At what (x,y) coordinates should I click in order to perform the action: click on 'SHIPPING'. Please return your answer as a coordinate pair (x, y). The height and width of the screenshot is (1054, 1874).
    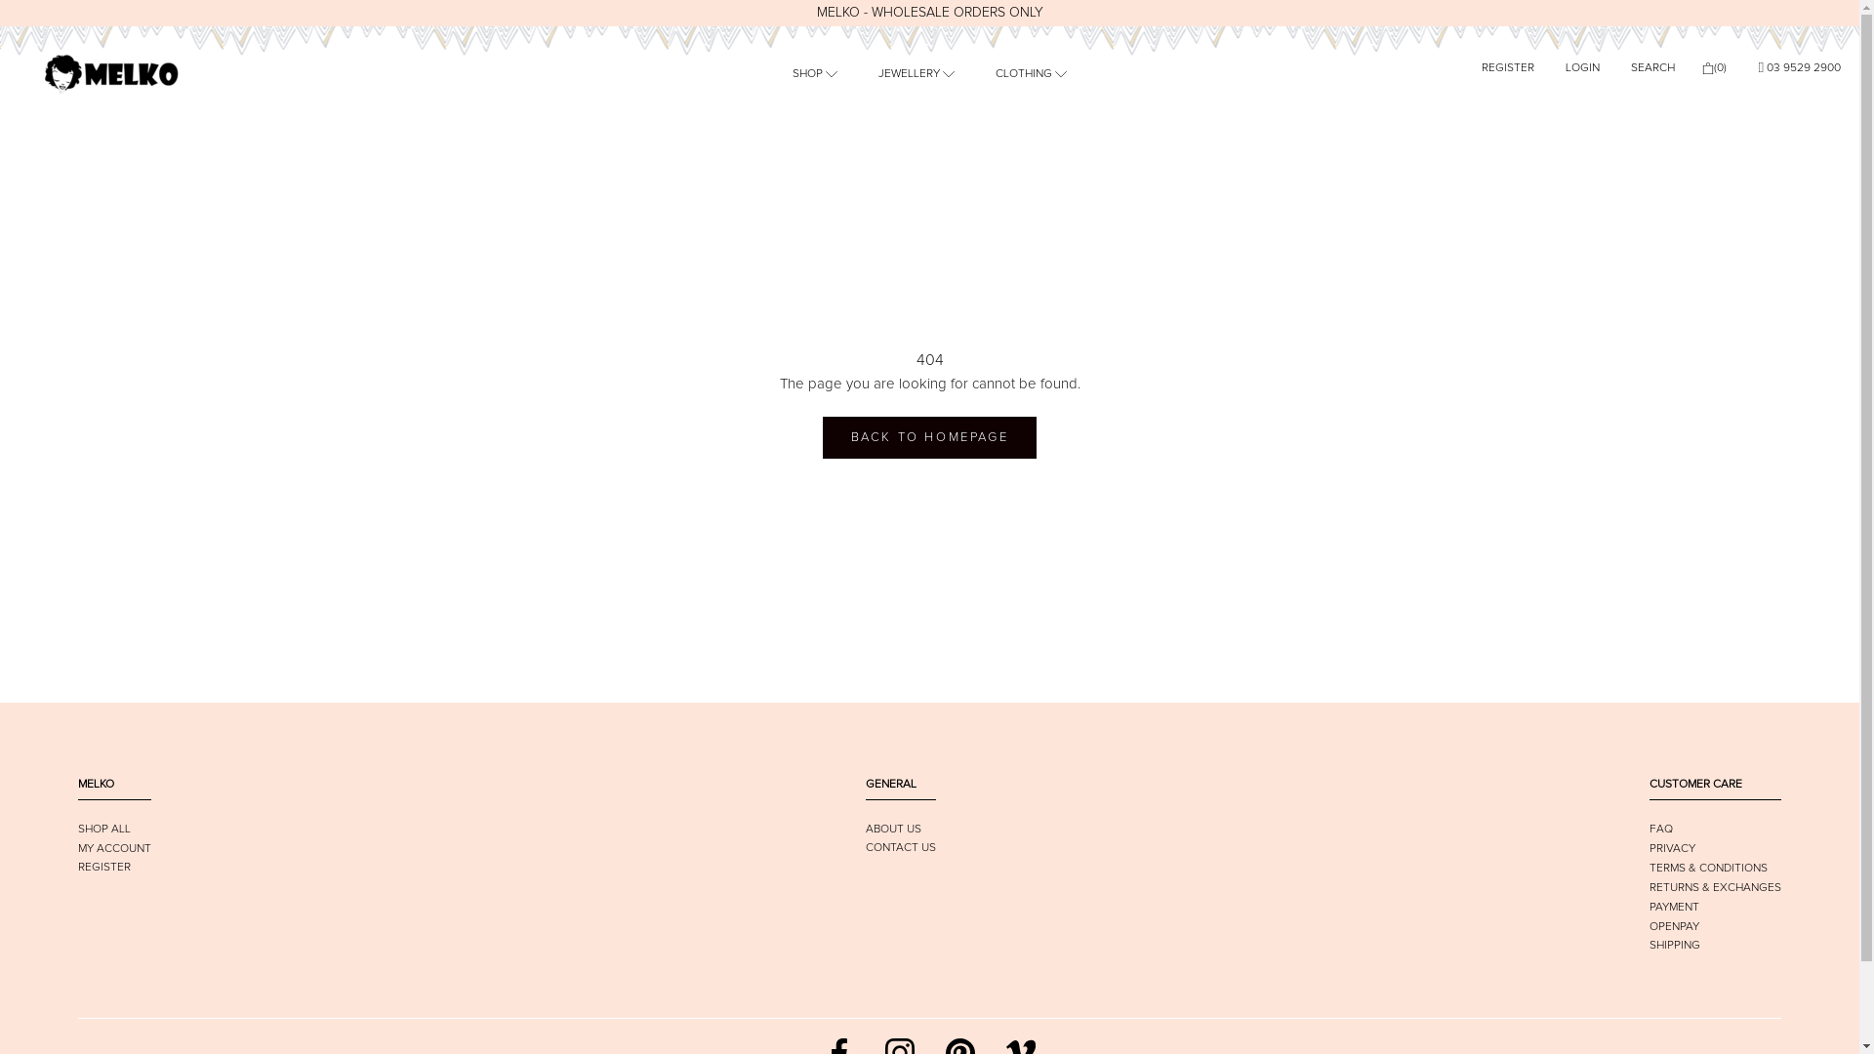
    Looking at the image, I should click on (1674, 944).